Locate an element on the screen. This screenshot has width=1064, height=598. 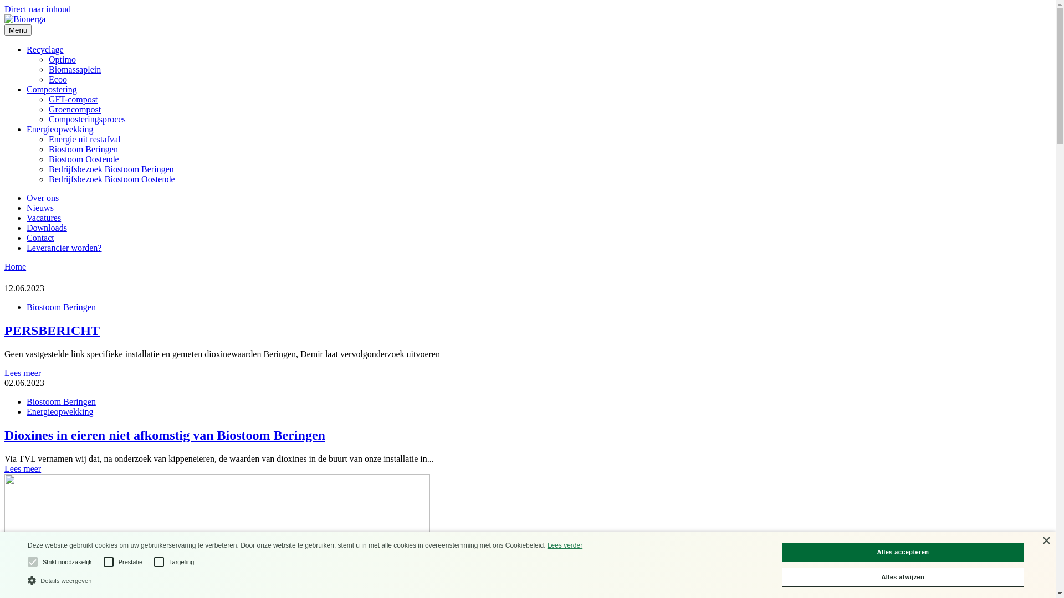
'Energieopwekking' is located at coordinates (27, 128).